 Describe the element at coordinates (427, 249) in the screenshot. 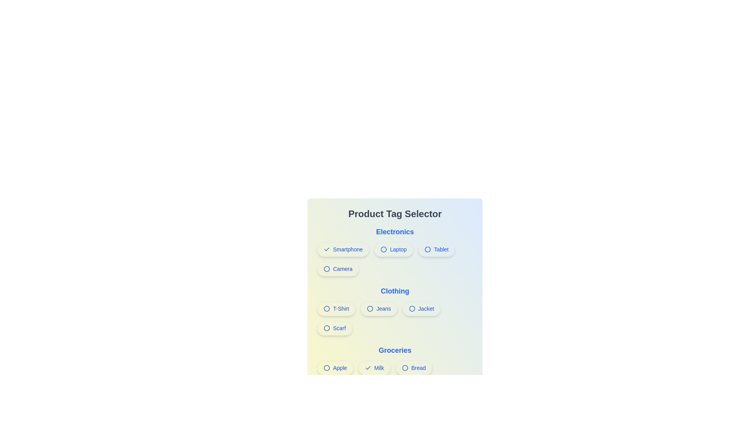

I see `the circular radio button for the 'Tablet' option in the 'Electronics' section` at that location.